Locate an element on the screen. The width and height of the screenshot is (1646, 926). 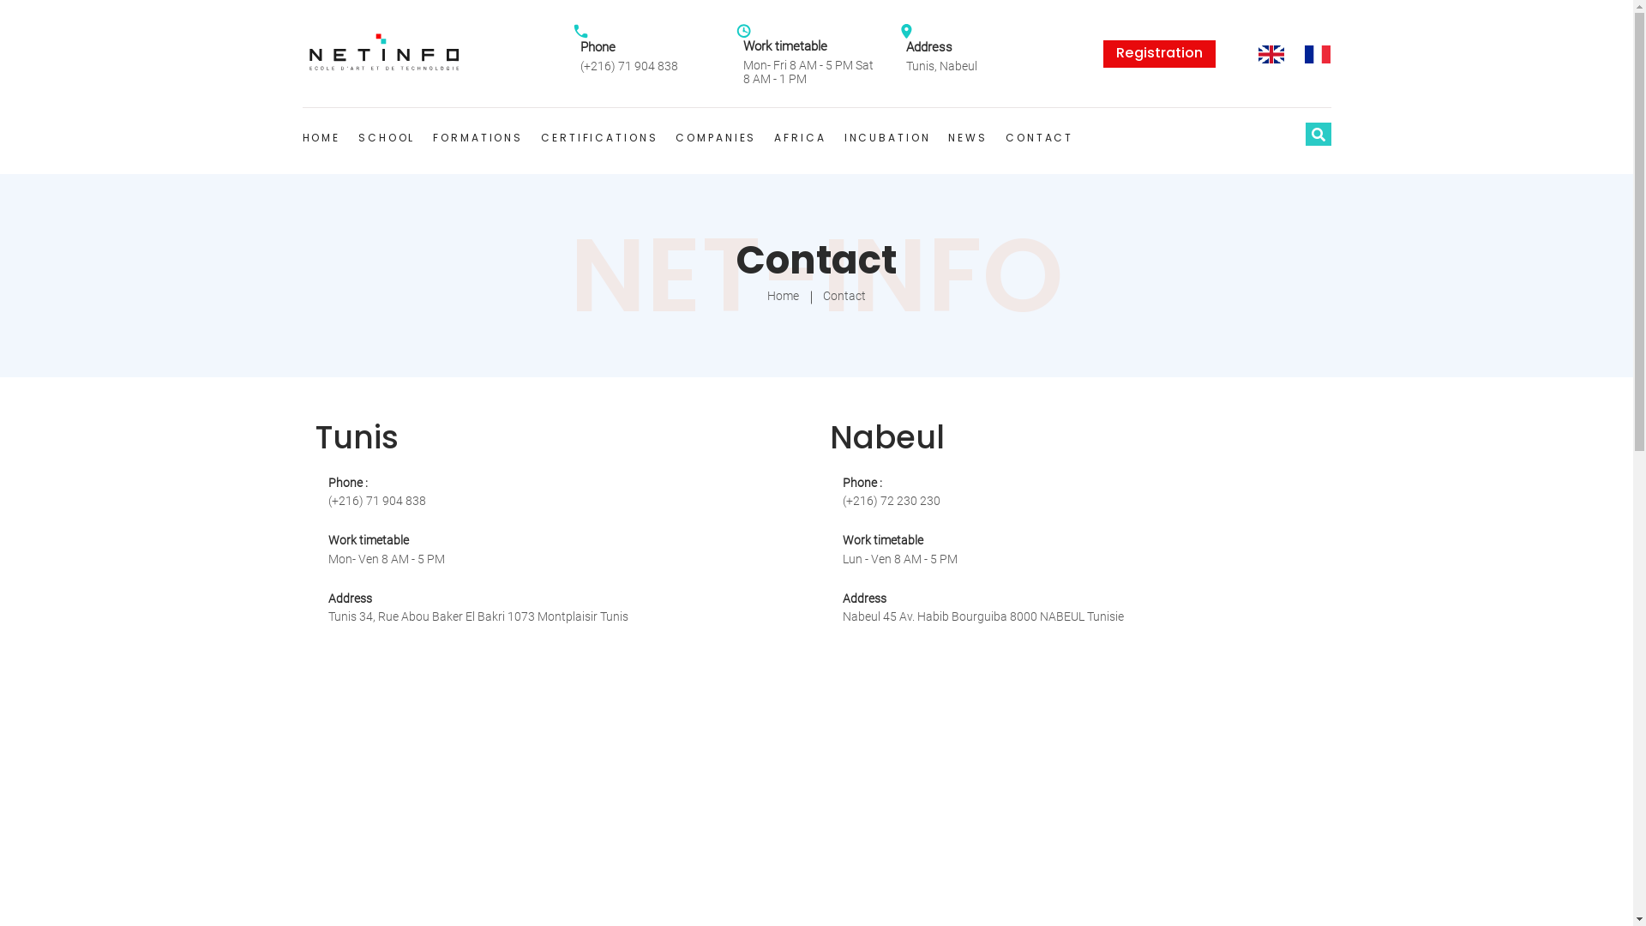
'FORMATIONS' is located at coordinates (478, 137).